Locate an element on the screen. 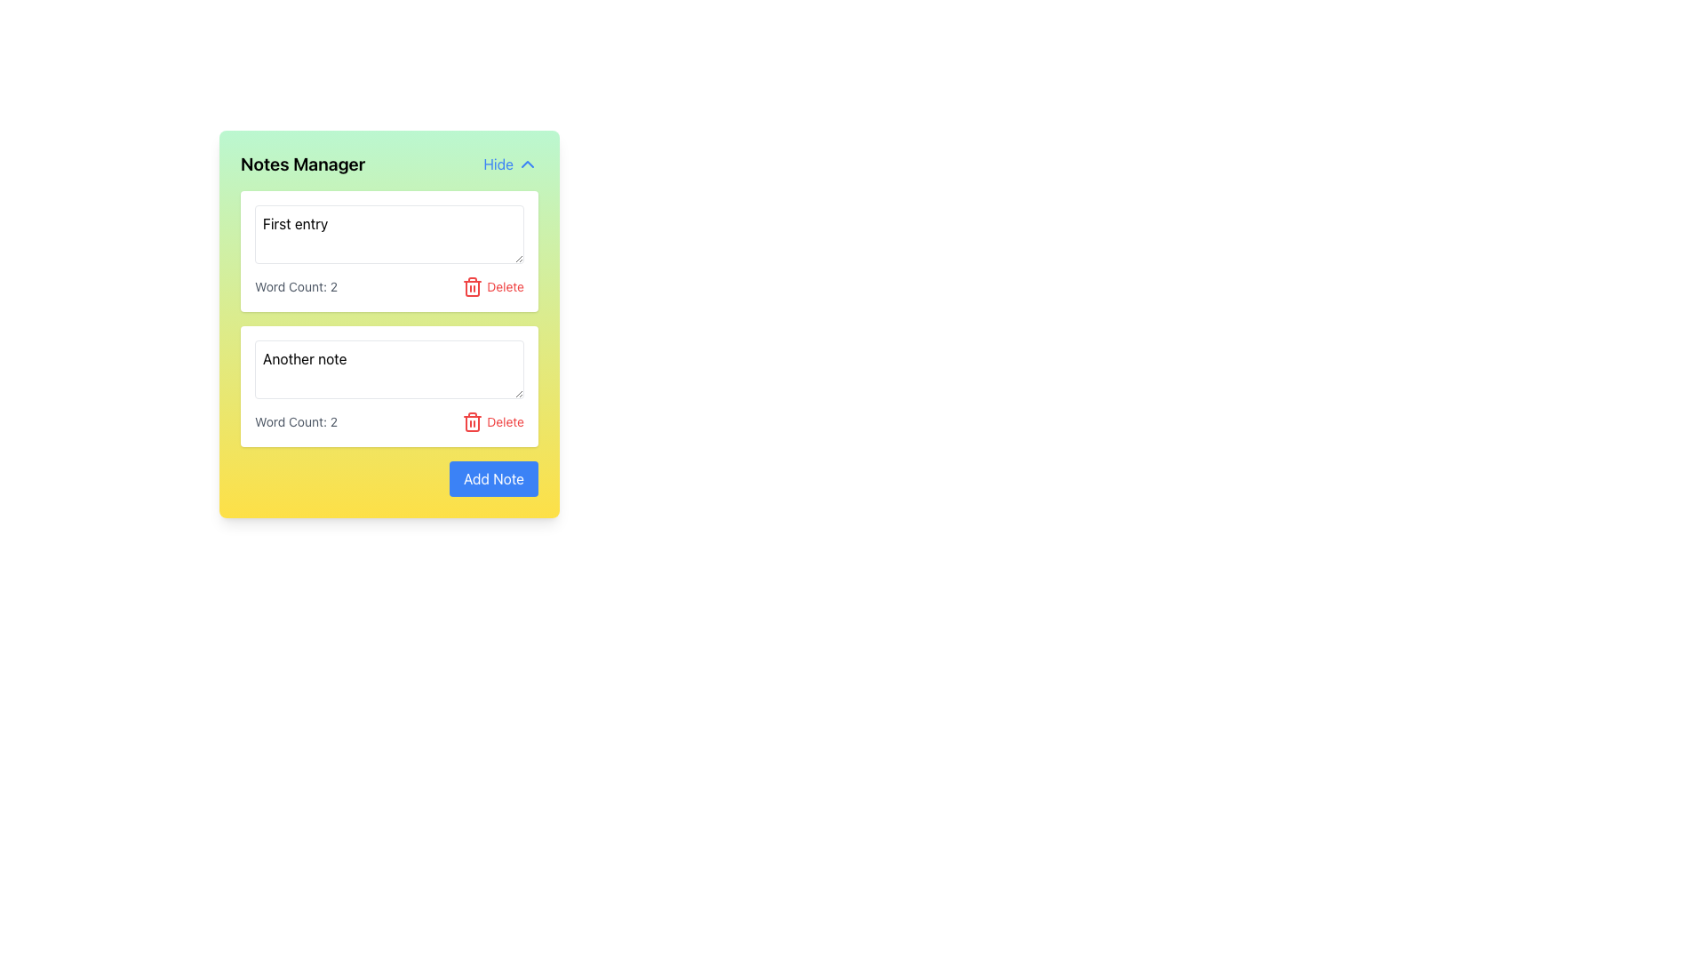 This screenshot has width=1706, height=960. the toggle button located in the top right corner of the 'Notes Manager' section is located at coordinates (510, 164).